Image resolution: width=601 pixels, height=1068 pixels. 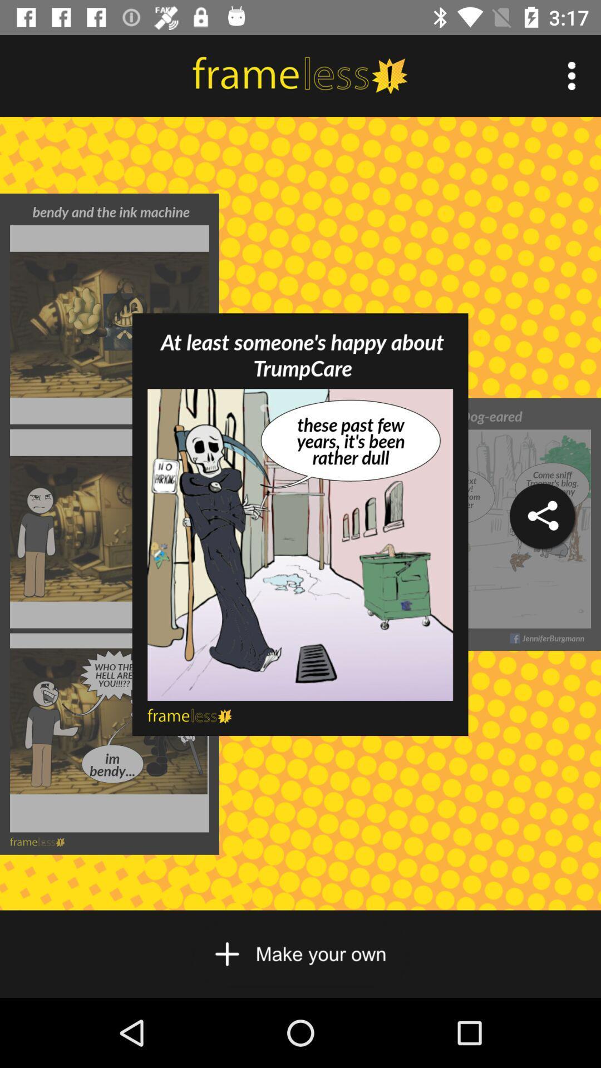 I want to click on more info, so click(x=572, y=75).